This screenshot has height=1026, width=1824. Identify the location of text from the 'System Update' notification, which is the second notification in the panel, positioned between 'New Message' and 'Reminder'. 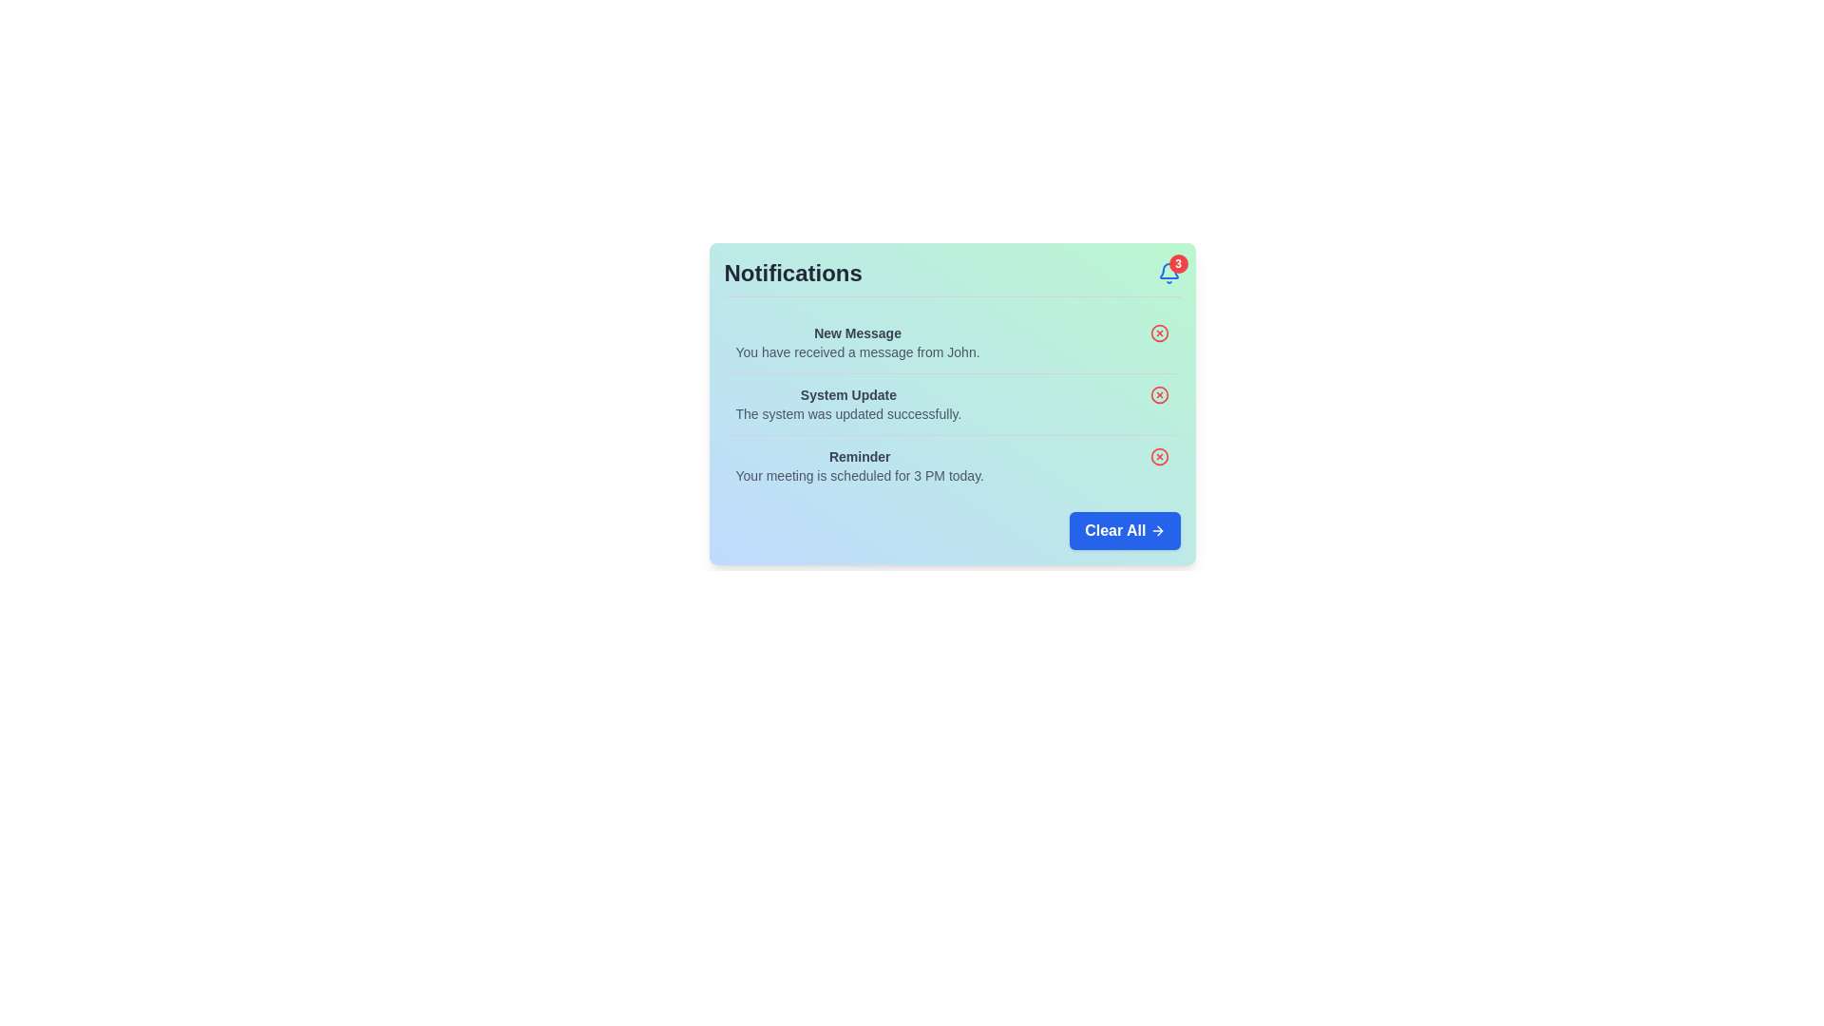
(847, 403).